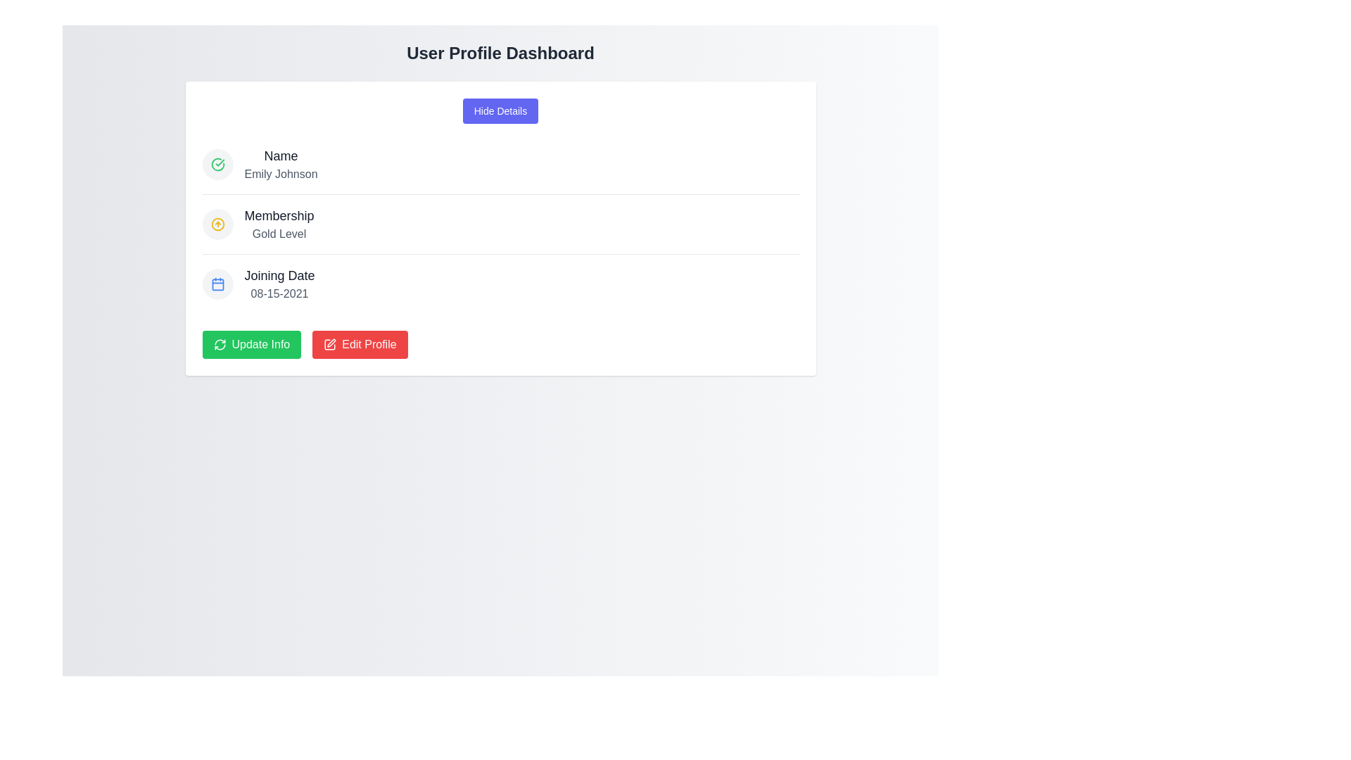 The height and width of the screenshot is (760, 1351). What do you see at coordinates (279, 293) in the screenshot?
I see `the text display showing the date '08-15-2021' located below the label 'Joining Date' in the user profile interface` at bounding box center [279, 293].